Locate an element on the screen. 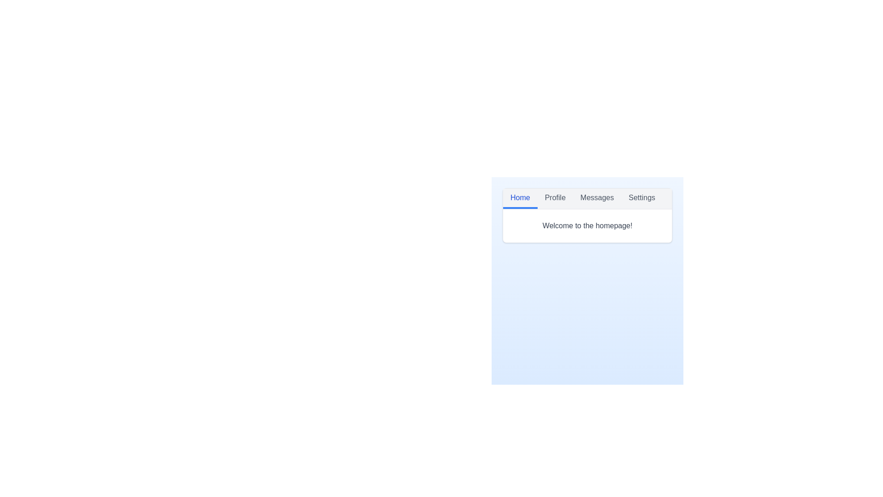  the 'Home' navigation tab, which is styled with a blue font and highlighted blue underline is located at coordinates (520, 198).